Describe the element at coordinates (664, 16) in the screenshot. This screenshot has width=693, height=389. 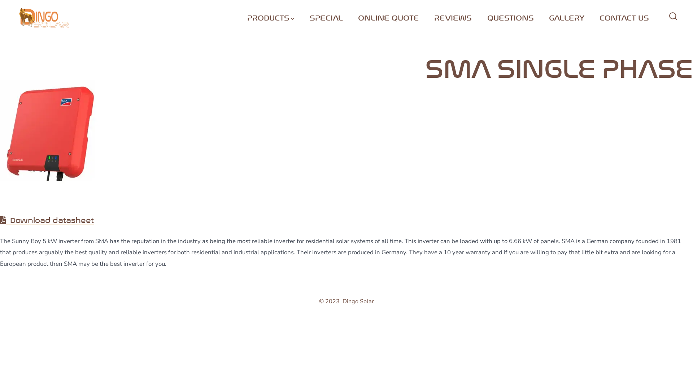
I see `'Search Toggle'` at that location.